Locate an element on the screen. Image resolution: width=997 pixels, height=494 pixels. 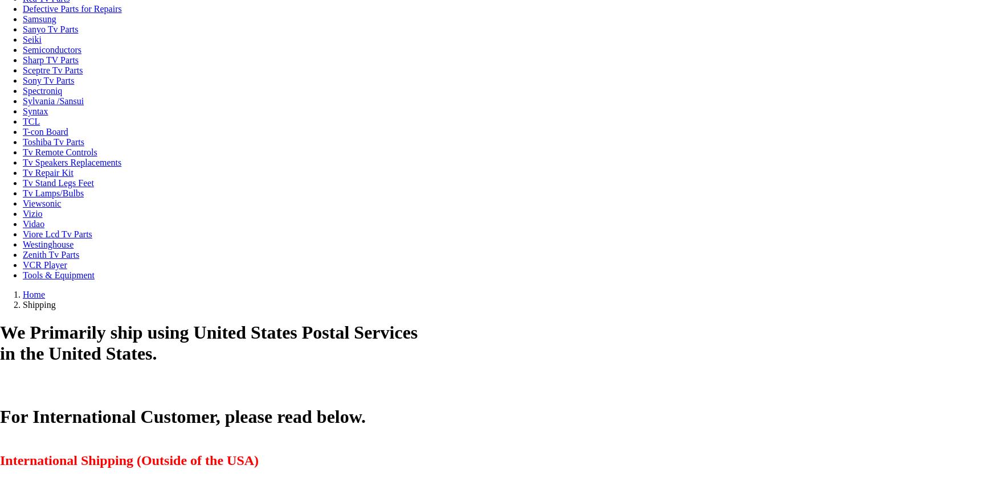
'Viewsonic' is located at coordinates (42, 203).